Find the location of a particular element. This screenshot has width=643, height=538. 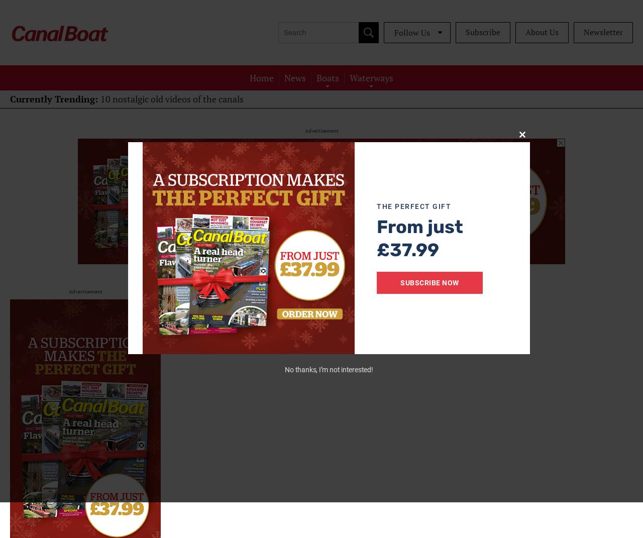

'News' is located at coordinates (294, 77).